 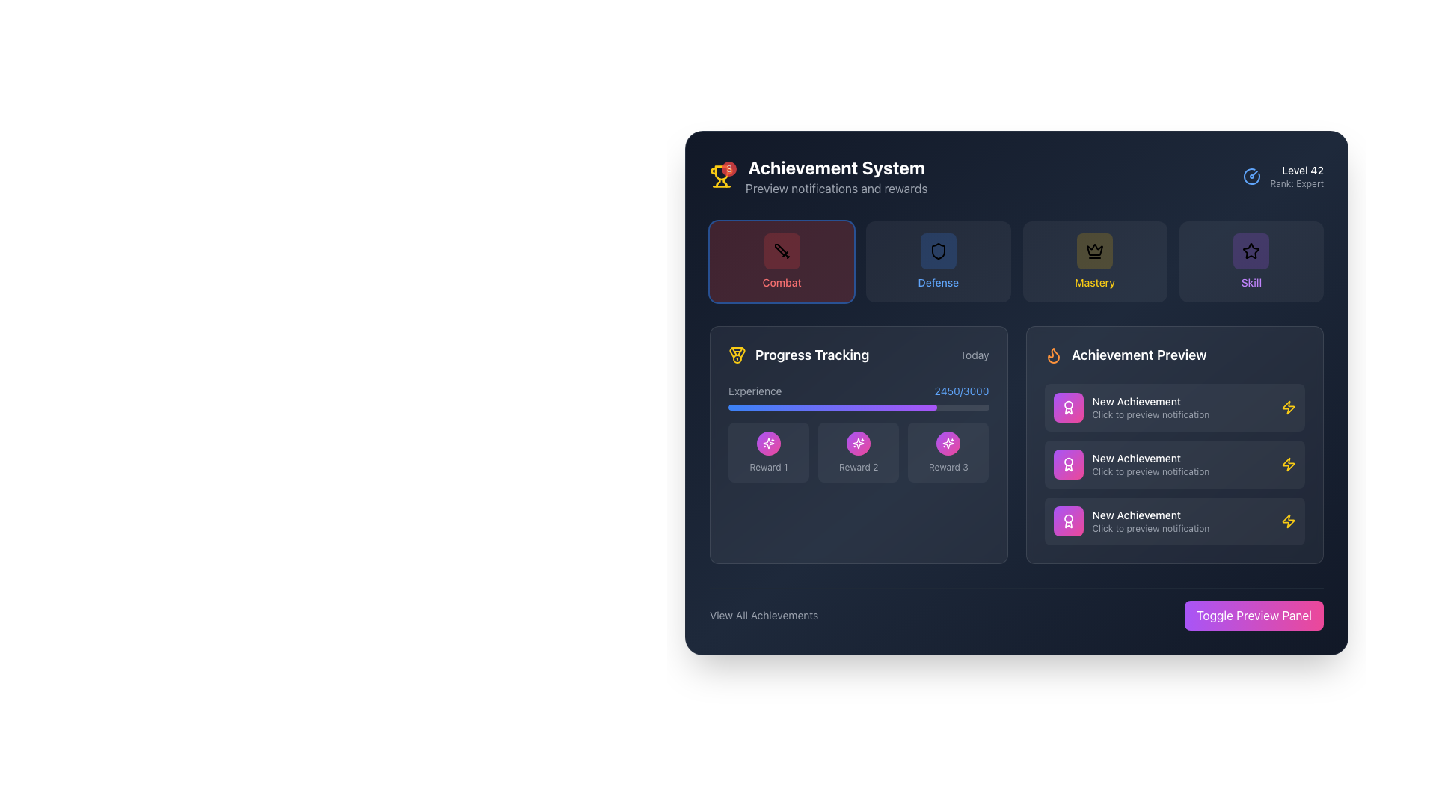 I want to click on the award icon, which is a circular medallion with ribbons, styled in white against a purple-to-pink gradient background, so click(x=1067, y=464).